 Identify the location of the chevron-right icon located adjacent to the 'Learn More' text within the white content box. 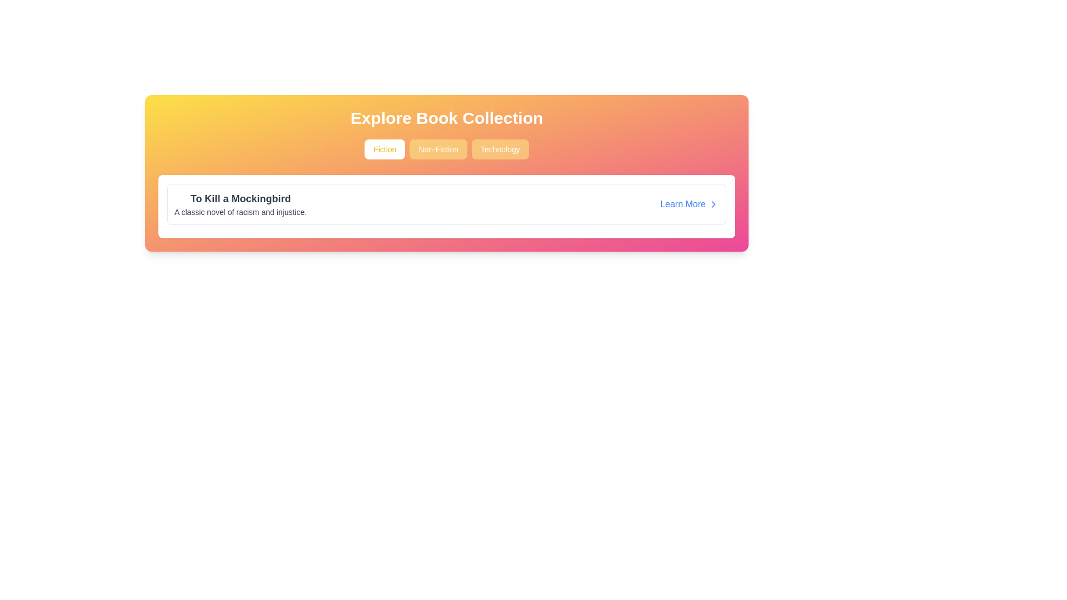
(713, 204).